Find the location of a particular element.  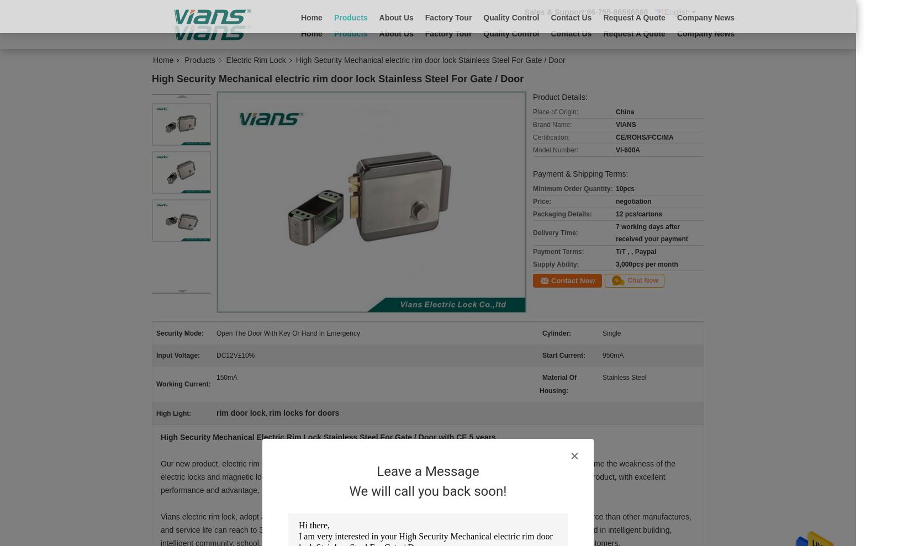

'Input Voltage:' is located at coordinates (177, 356).